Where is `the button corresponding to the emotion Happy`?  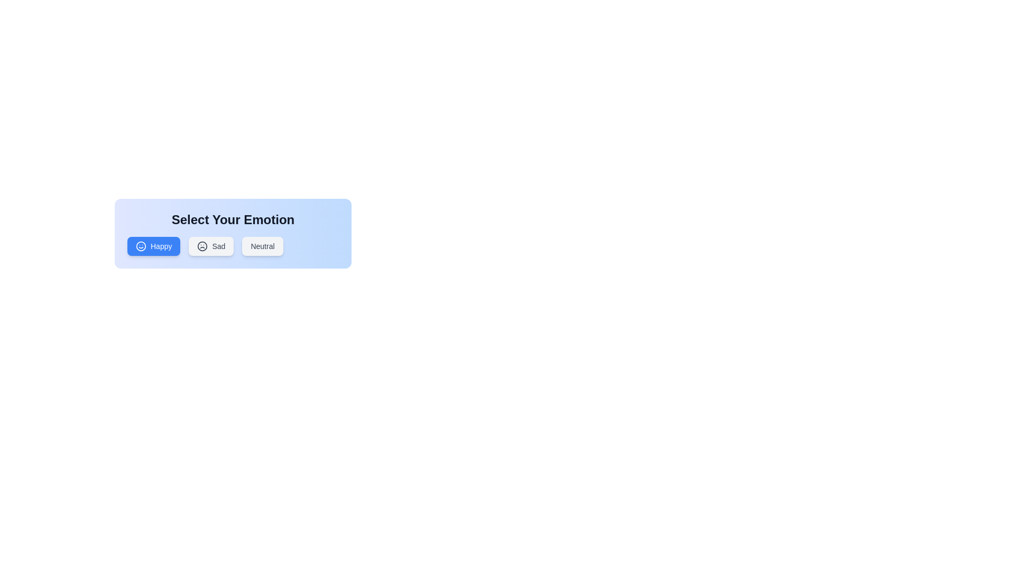
the button corresponding to the emotion Happy is located at coordinates (153, 246).